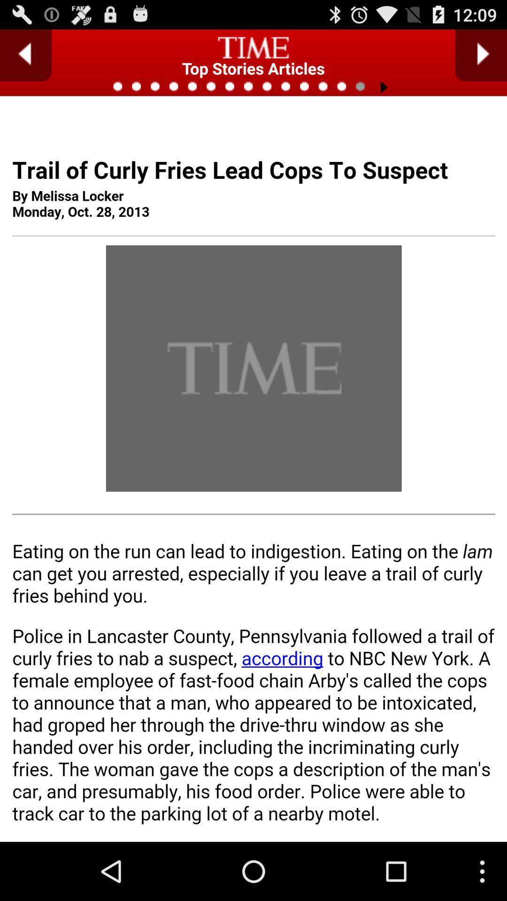 The width and height of the screenshot is (507, 901). Describe the element at coordinates (481, 55) in the screenshot. I see `next bage` at that location.